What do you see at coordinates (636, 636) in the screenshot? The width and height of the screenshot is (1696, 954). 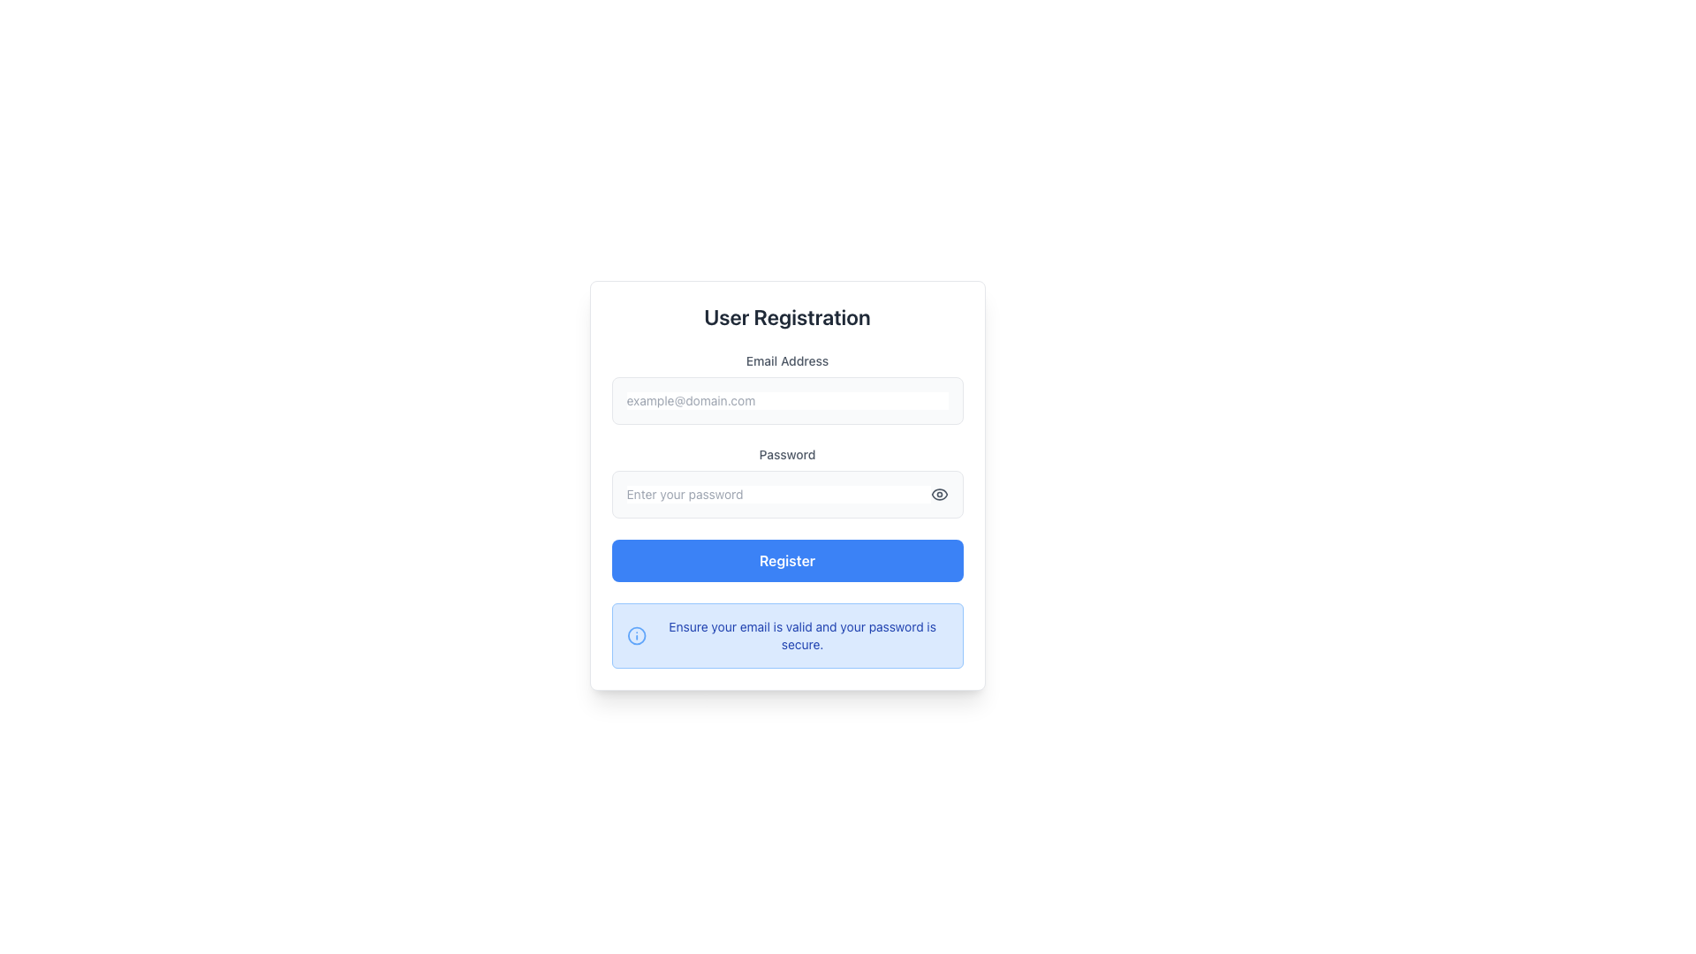 I see `the circular icon with a blue outline that contains a vertical line and a dot, located at the left end of the notification box with the message about email and password security` at bounding box center [636, 636].